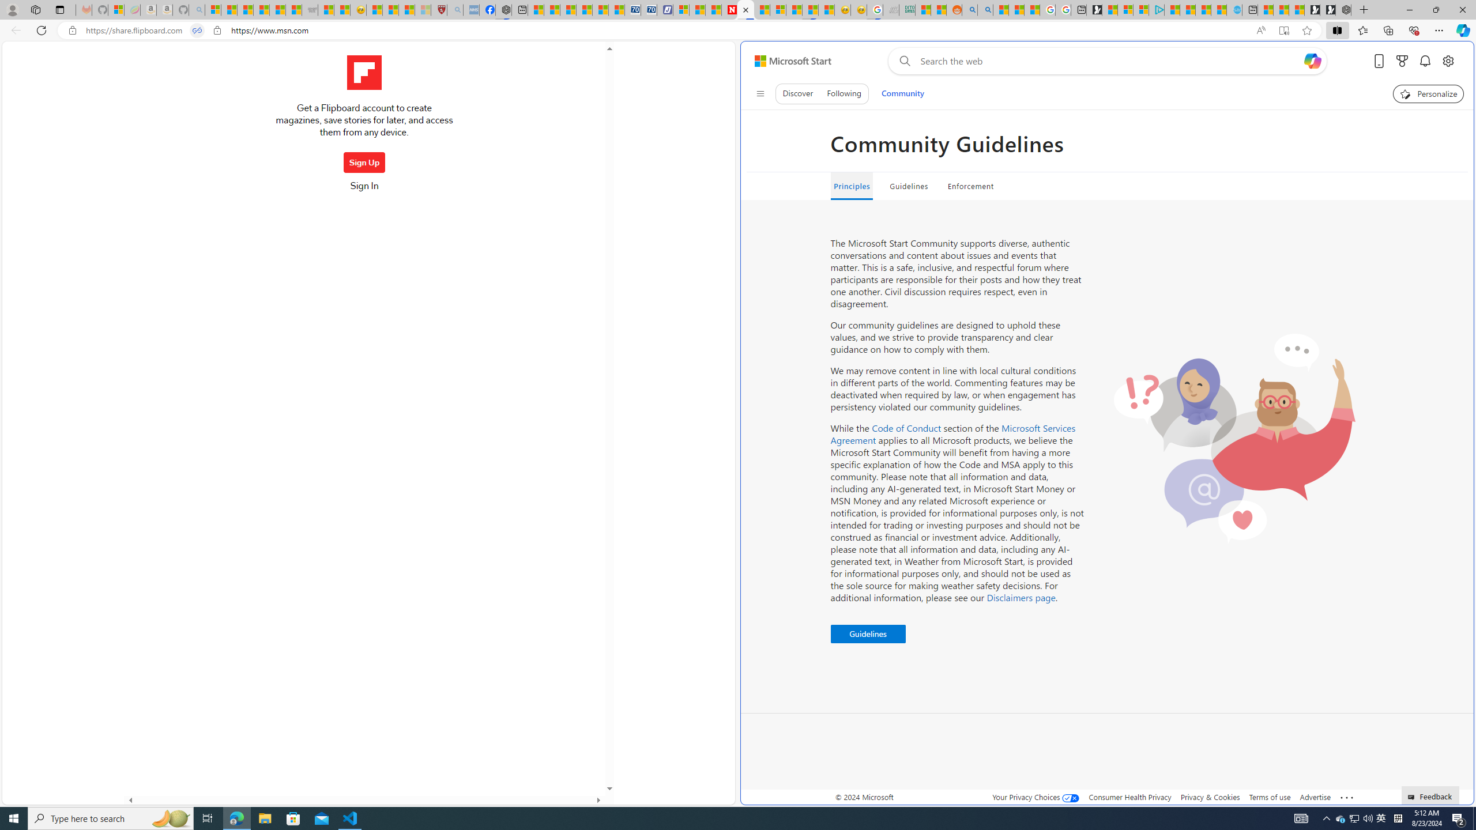  What do you see at coordinates (1413, 797) in the screenshot?
I see `'Class: feedback_link_icon-DS-EntryPoint1-1'` at bounding box center [1413, 797].